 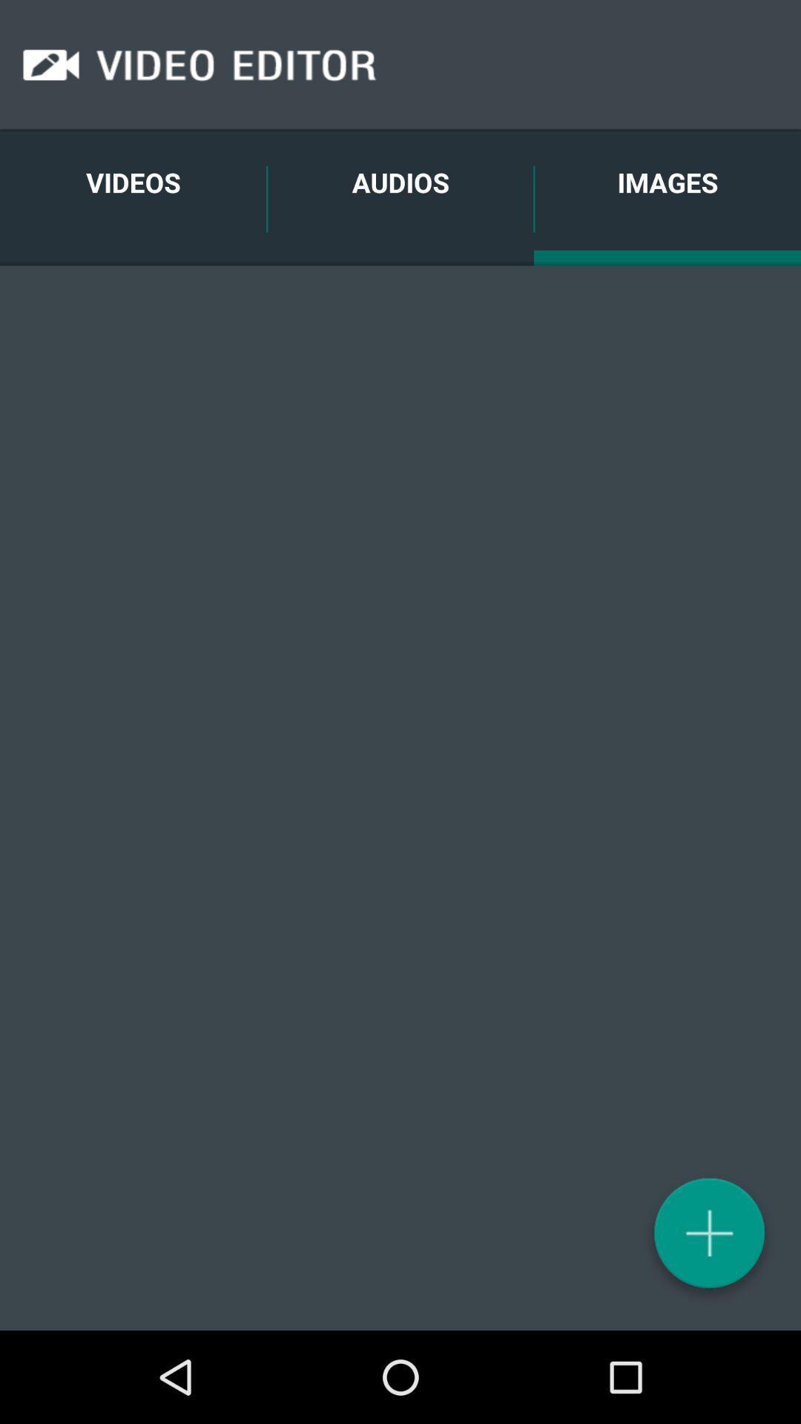 I want to click on the add icon, so click(x=708, y=1239).